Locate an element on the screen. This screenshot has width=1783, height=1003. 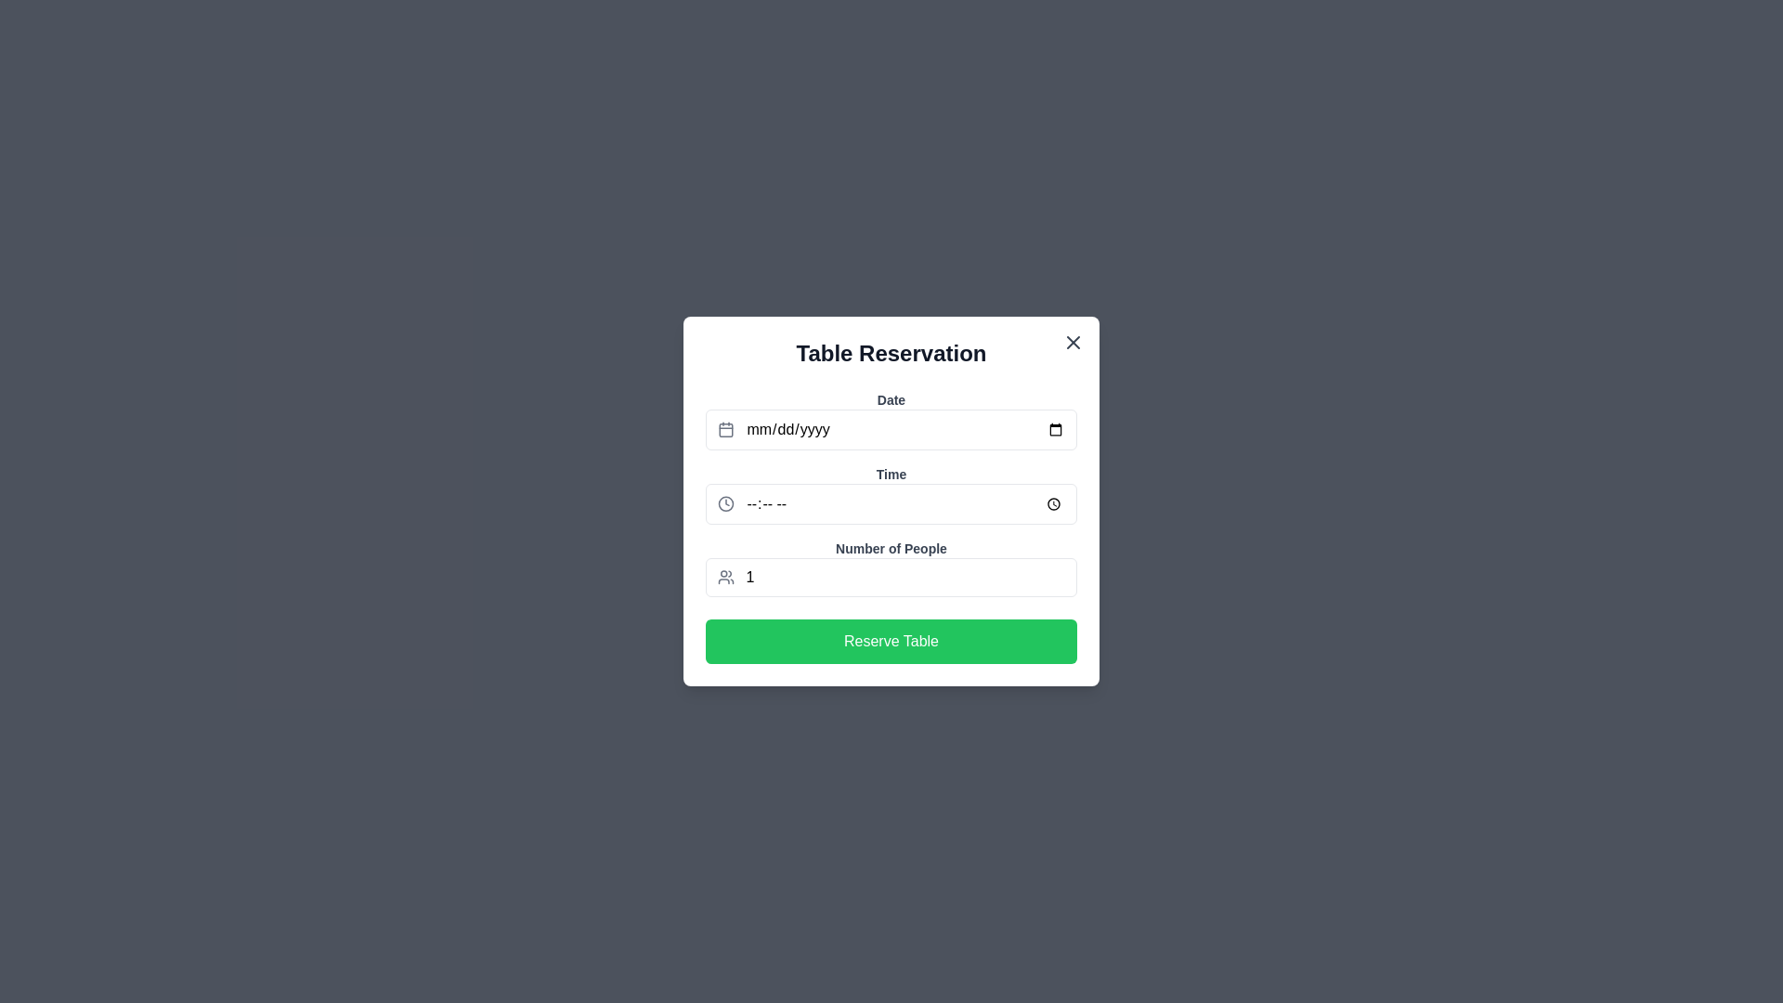
the text header labeled 'Table Reservation', which is bold and centered above the input fields and button is located at coordinates (891, 354).